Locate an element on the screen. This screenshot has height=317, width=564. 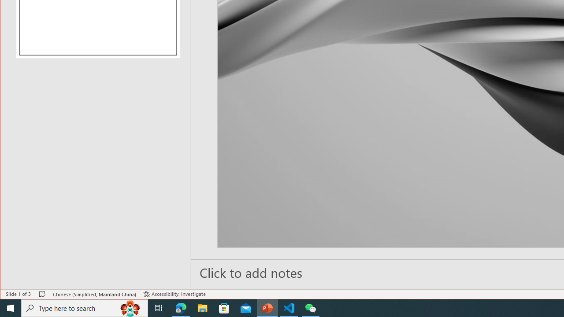
'Microsoft Edge - 1 running window' is located at coordinates (181, 307).